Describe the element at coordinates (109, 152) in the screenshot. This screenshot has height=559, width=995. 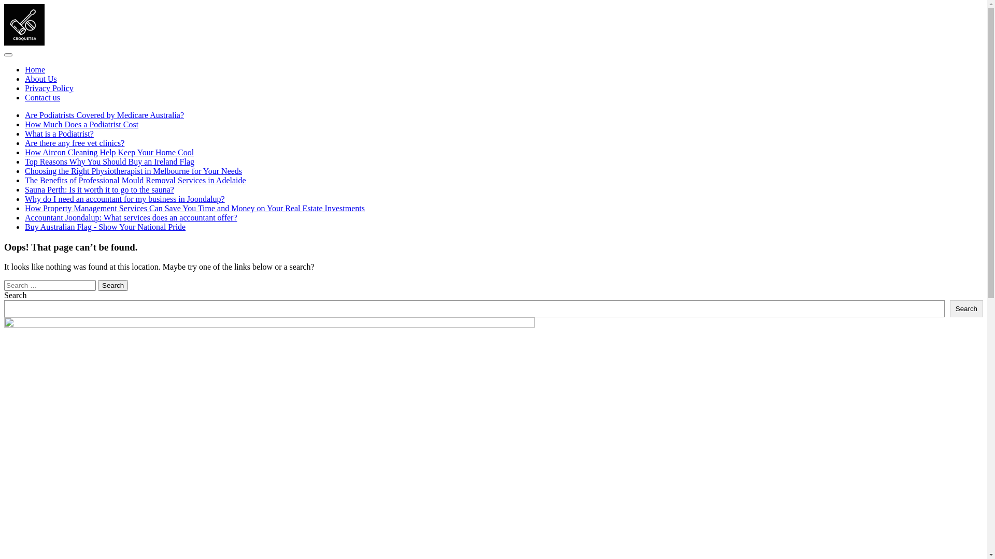
I see `'How Aircon Cleaning Help Keep Your Home Cool'` at that location.